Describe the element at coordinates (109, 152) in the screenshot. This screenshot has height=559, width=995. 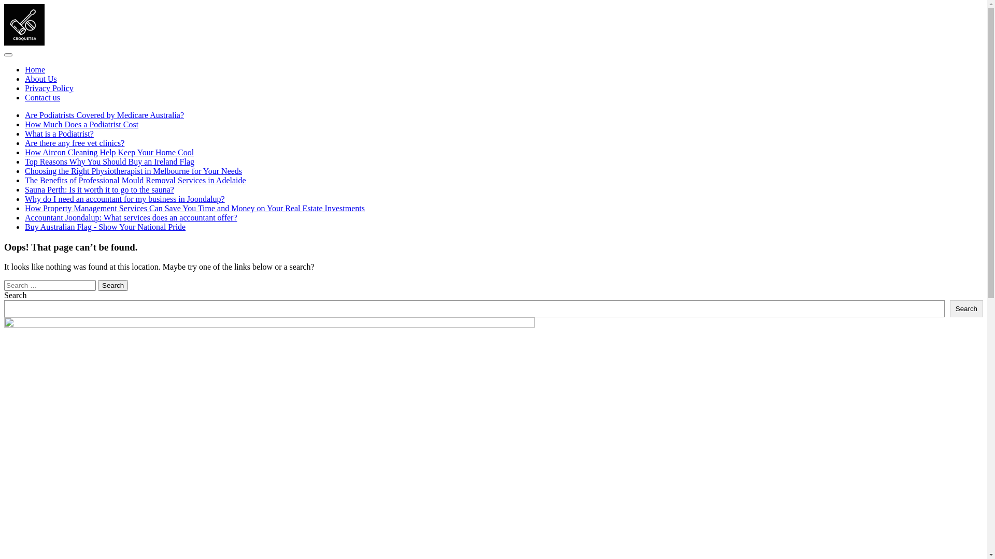
I see `'How Aircon Cleaning Help Keep Your Home Cool'` at that location.